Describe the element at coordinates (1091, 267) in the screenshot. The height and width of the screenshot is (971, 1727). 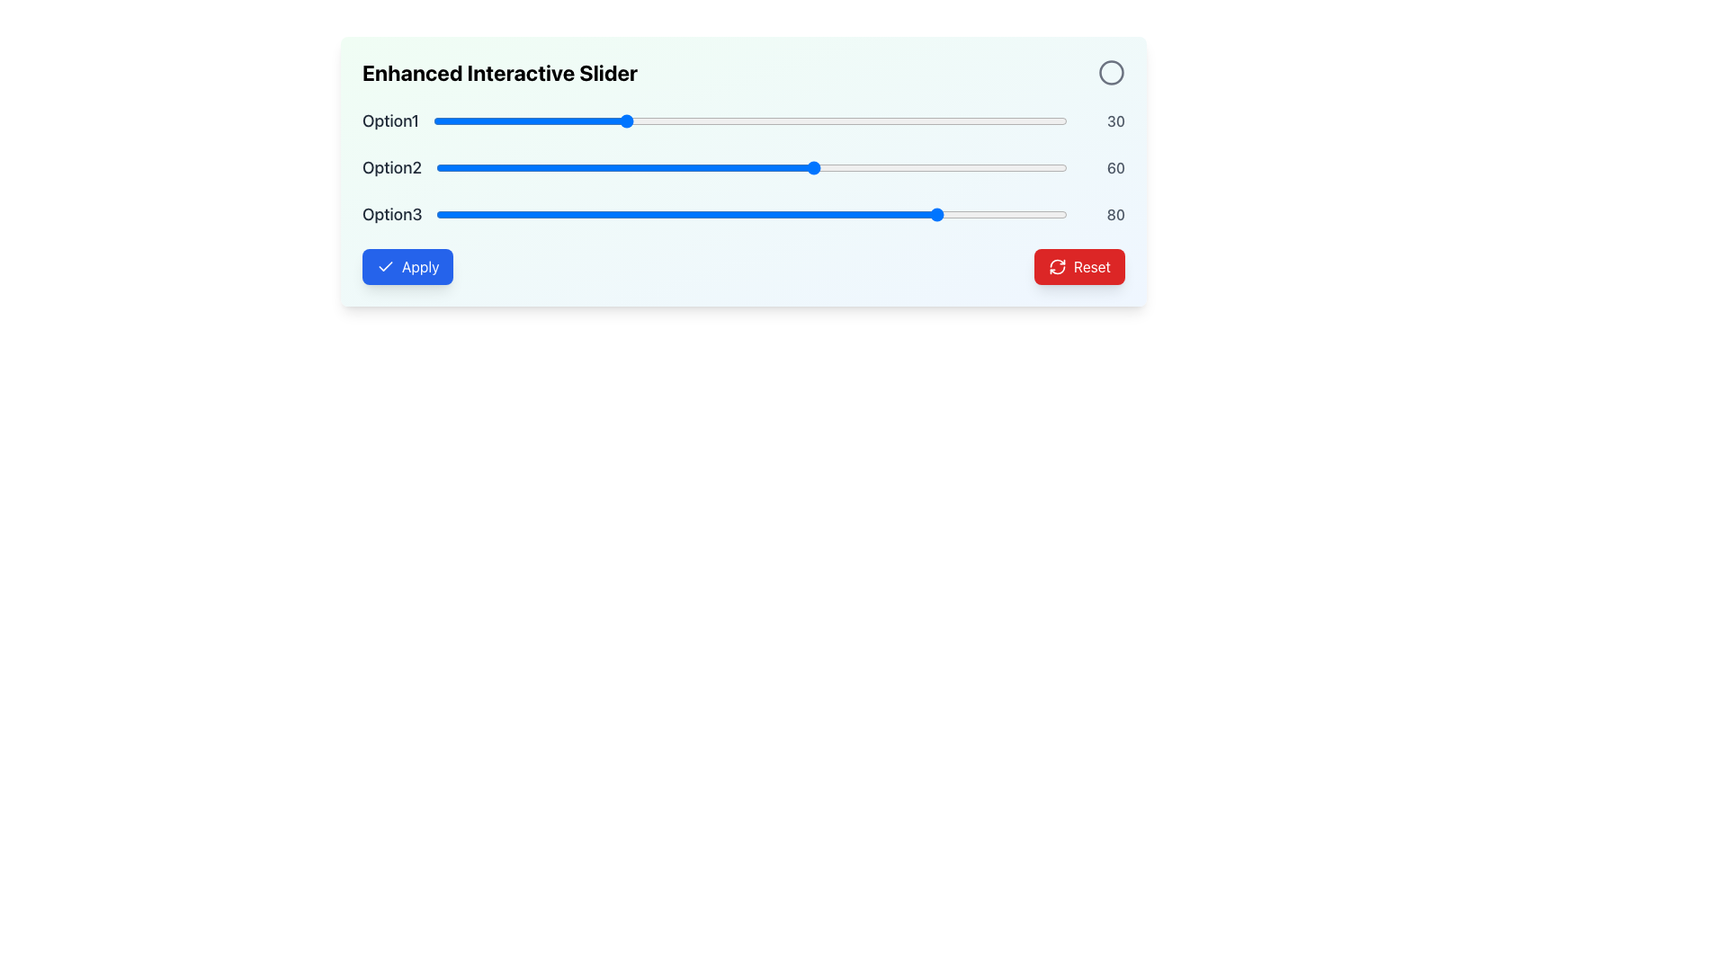
I see `the 'Reset' text label, which is situated within a solid red button with rounded corners, located at the bottom-right corner of the slider controls box` at that location.